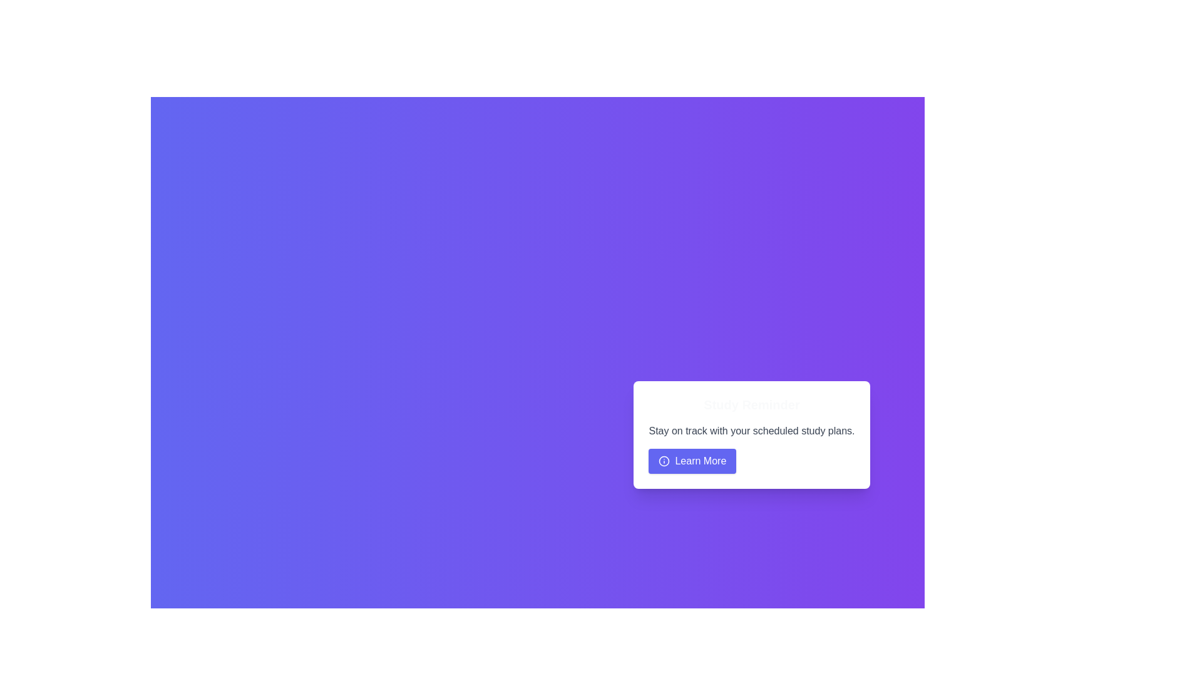 The width and height of the screenshot is (1202, 676). Describe the element at coordinates (664, 461) in the screenshot. I see `the button containing the small circular 'info' icon that is positioned to the left of the text 'Learn More'` at that location.